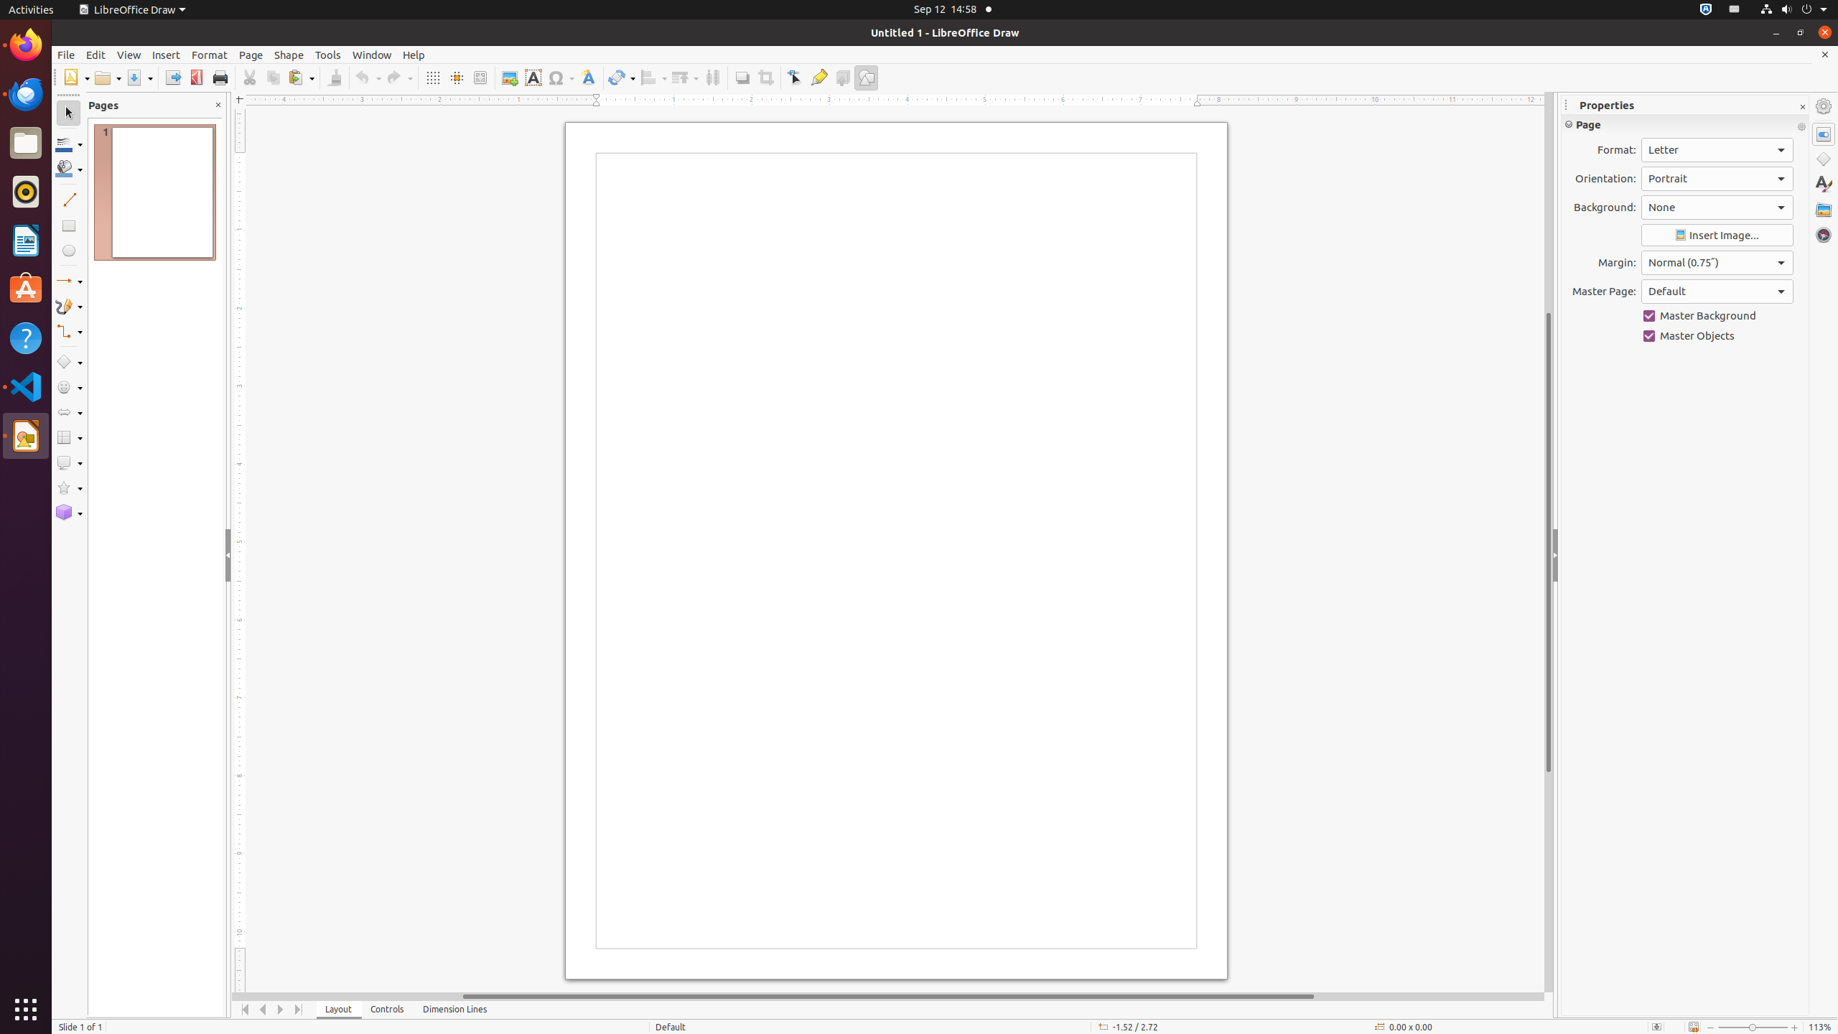 The image size is (1838, 1034). I want to click on 'Insert Image', so click(1717, 234).